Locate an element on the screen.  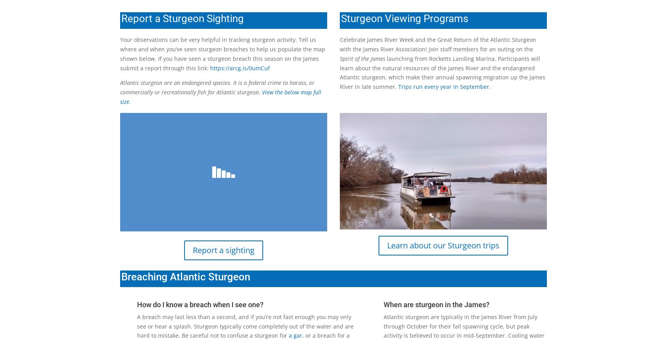
'Breaching Atlantic Sturgeon' is located at coordinates (185, 276).